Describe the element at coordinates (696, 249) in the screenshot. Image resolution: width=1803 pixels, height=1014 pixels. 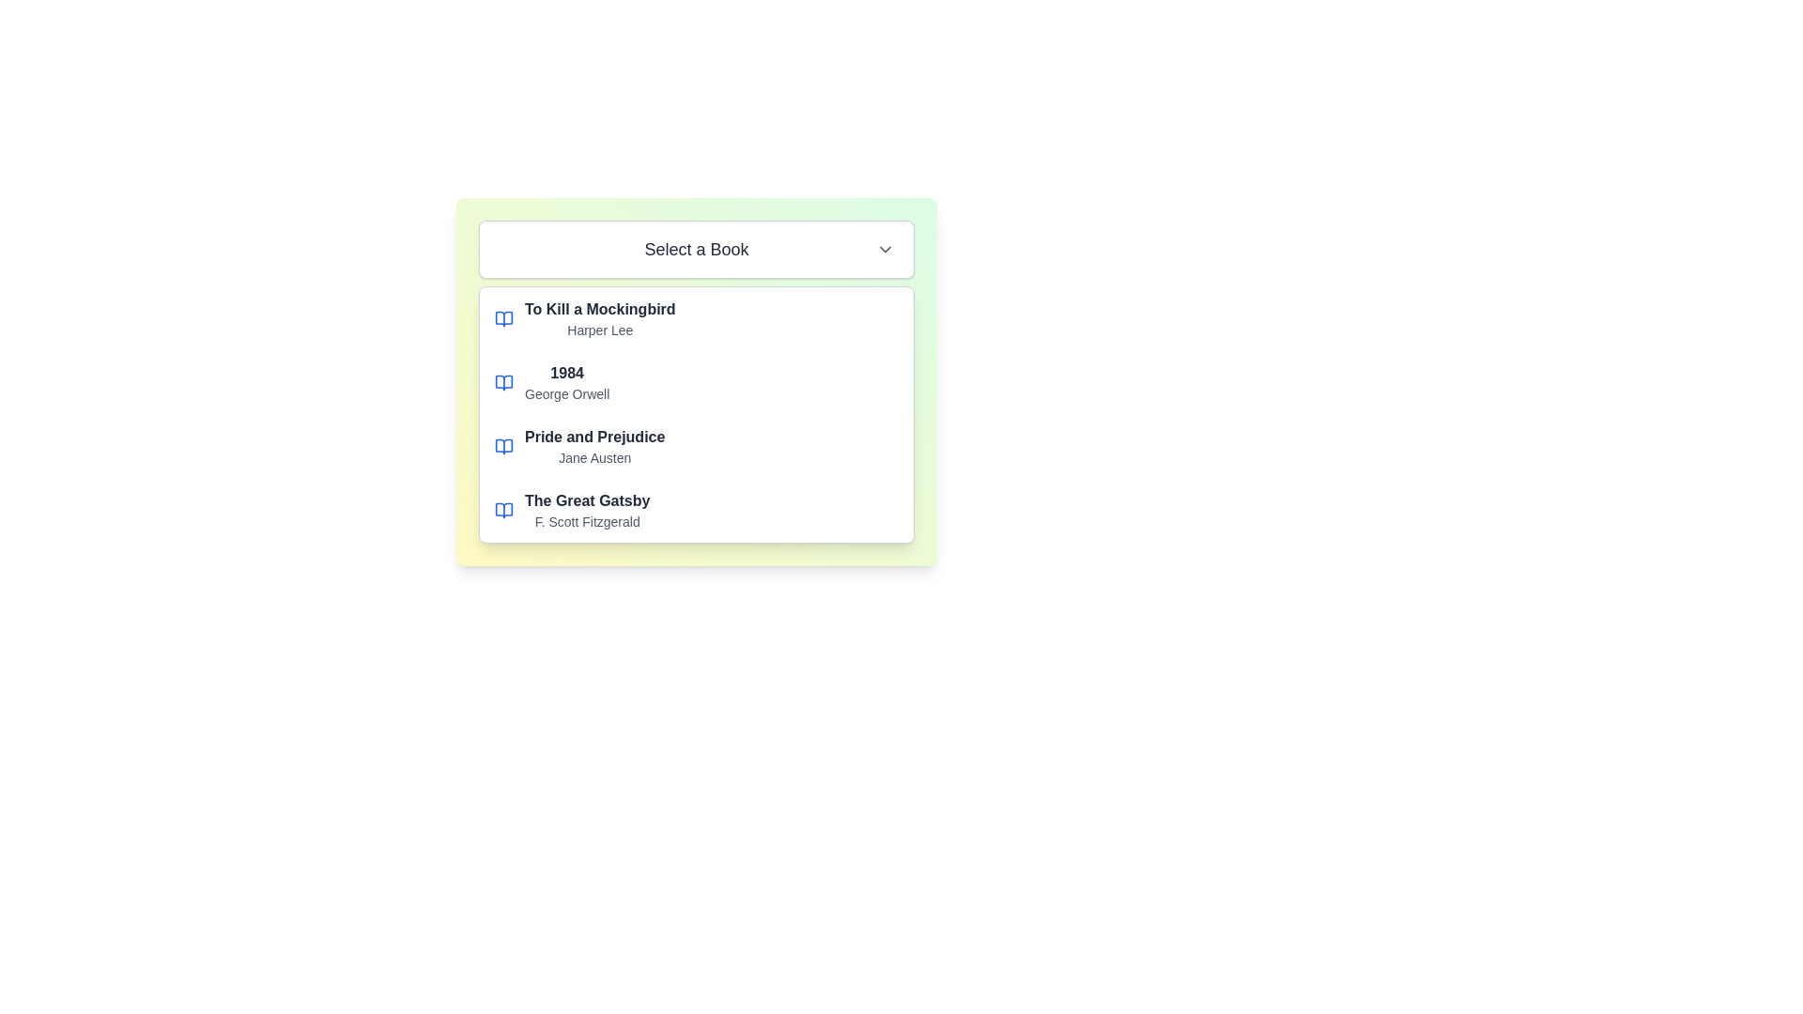
I see `the 'Select a Book' dropdown selector header` at that location.